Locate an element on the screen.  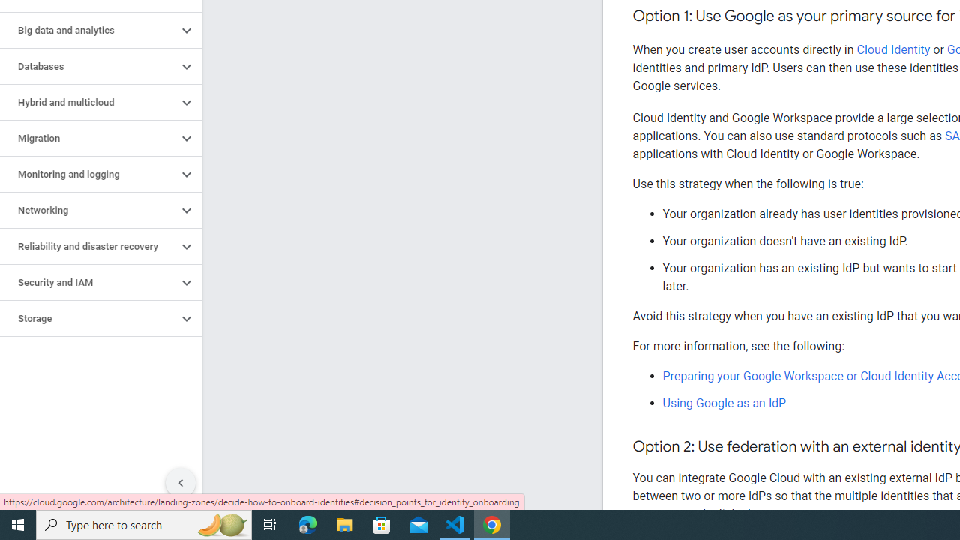
'Databases' is located at coordinates (88, 65).